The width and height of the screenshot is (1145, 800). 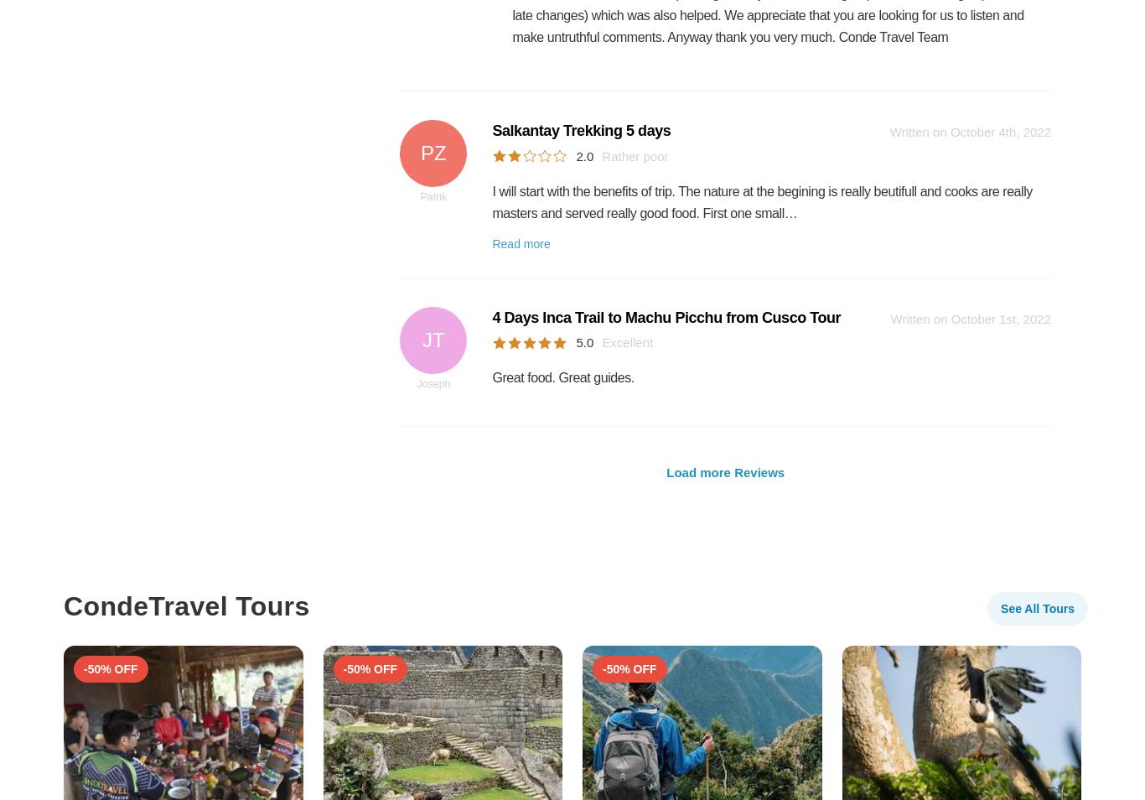 What do you see at coordinates (1001, 608) in the screenshot?
I see `'See All Tours'` at bounding box center [1001, 608].